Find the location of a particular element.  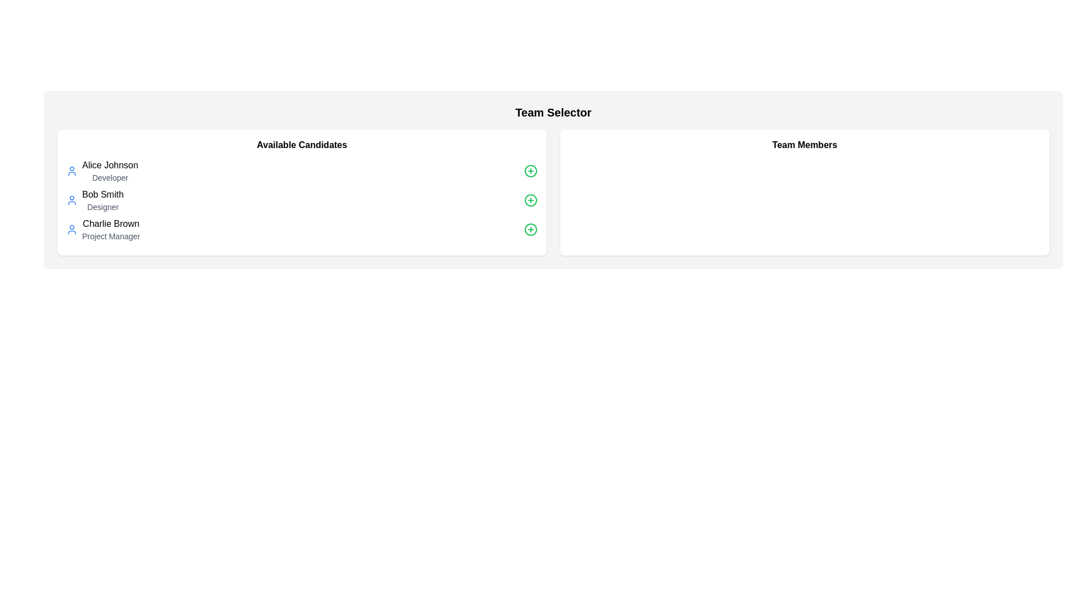

the top candidate entry in the 'Available Candidates' column, which displays their name and role in the team management interface is located at coordinates (110, 171).